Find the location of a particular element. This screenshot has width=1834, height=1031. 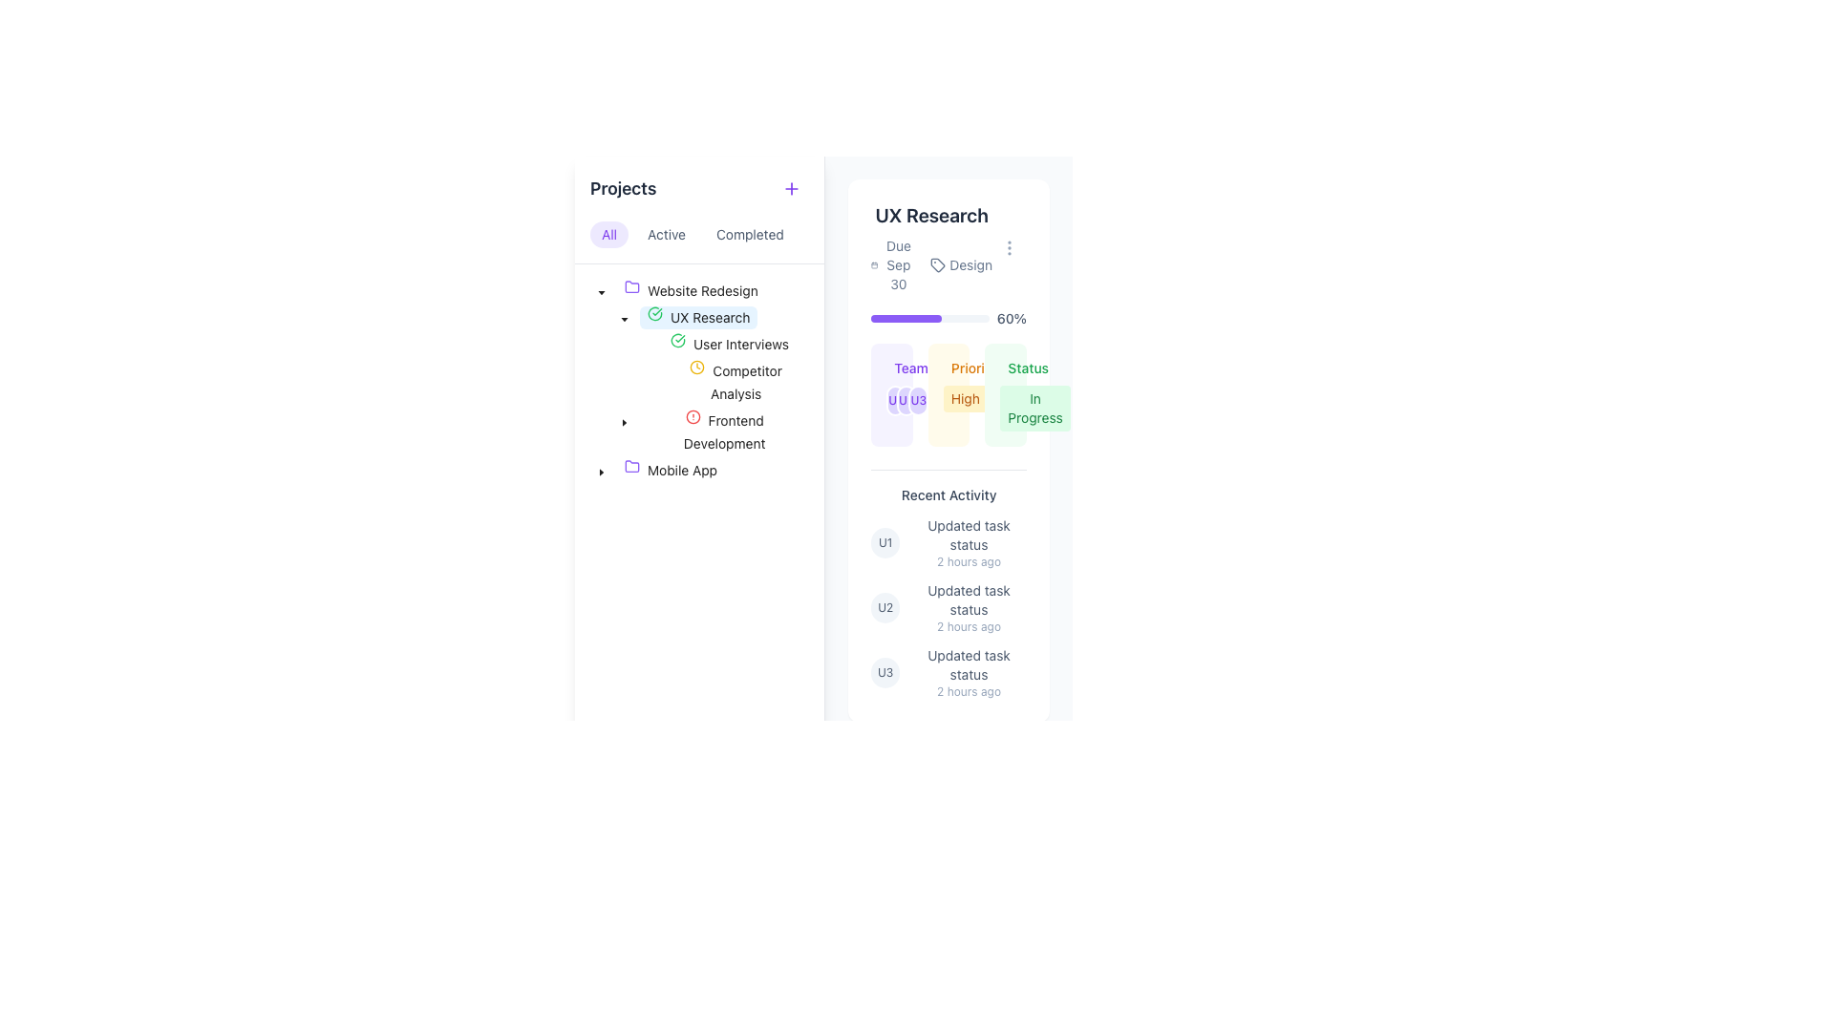

the Tree Item titled 'UX Research', which features a green checkmark icon on its left side is located at coordinates (697, 316).